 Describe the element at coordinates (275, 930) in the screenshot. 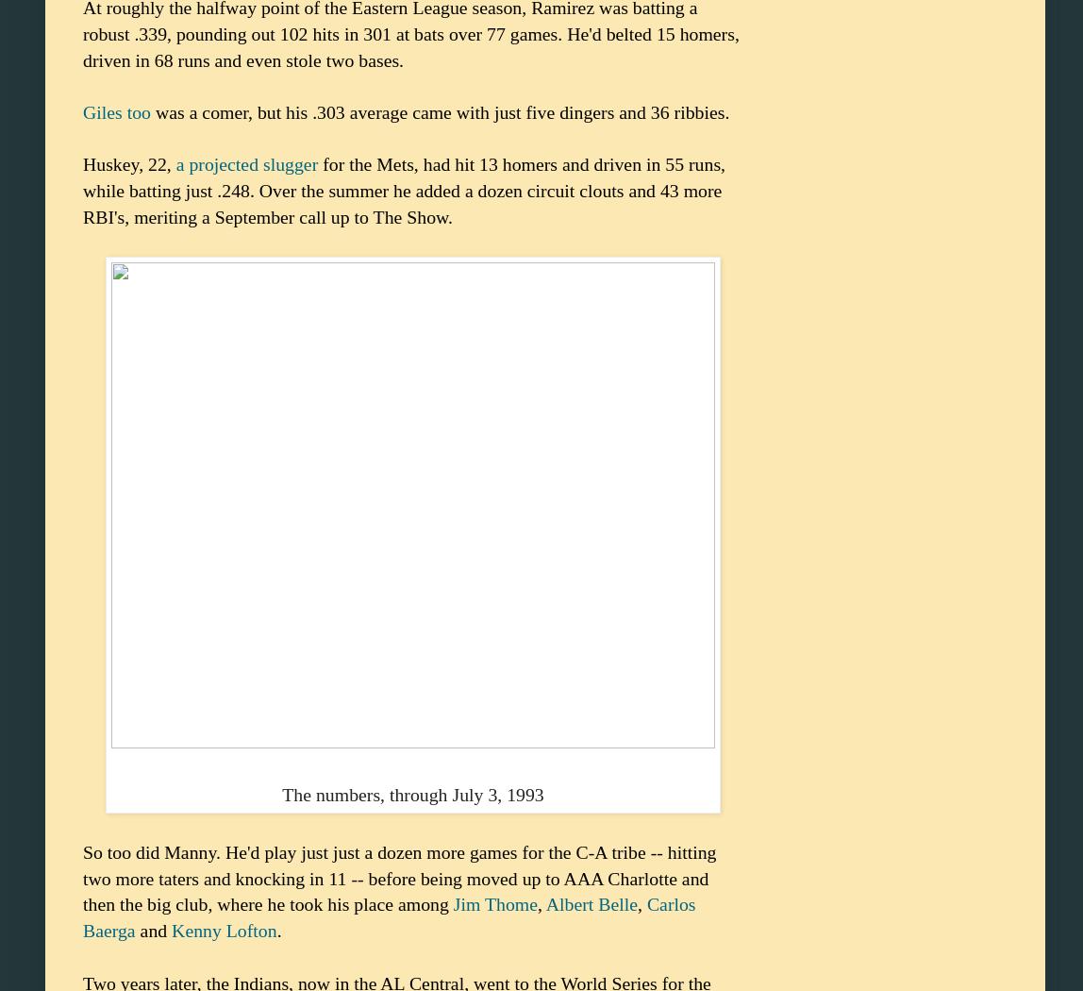

I see `'.'` at that location.